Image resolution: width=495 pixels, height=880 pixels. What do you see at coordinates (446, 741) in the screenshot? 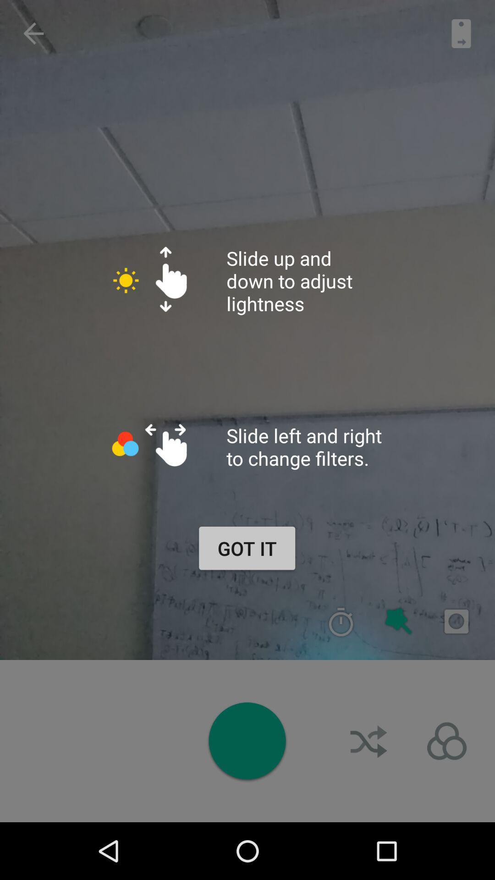
I see `rotate button` at bounding box center [446, 741].